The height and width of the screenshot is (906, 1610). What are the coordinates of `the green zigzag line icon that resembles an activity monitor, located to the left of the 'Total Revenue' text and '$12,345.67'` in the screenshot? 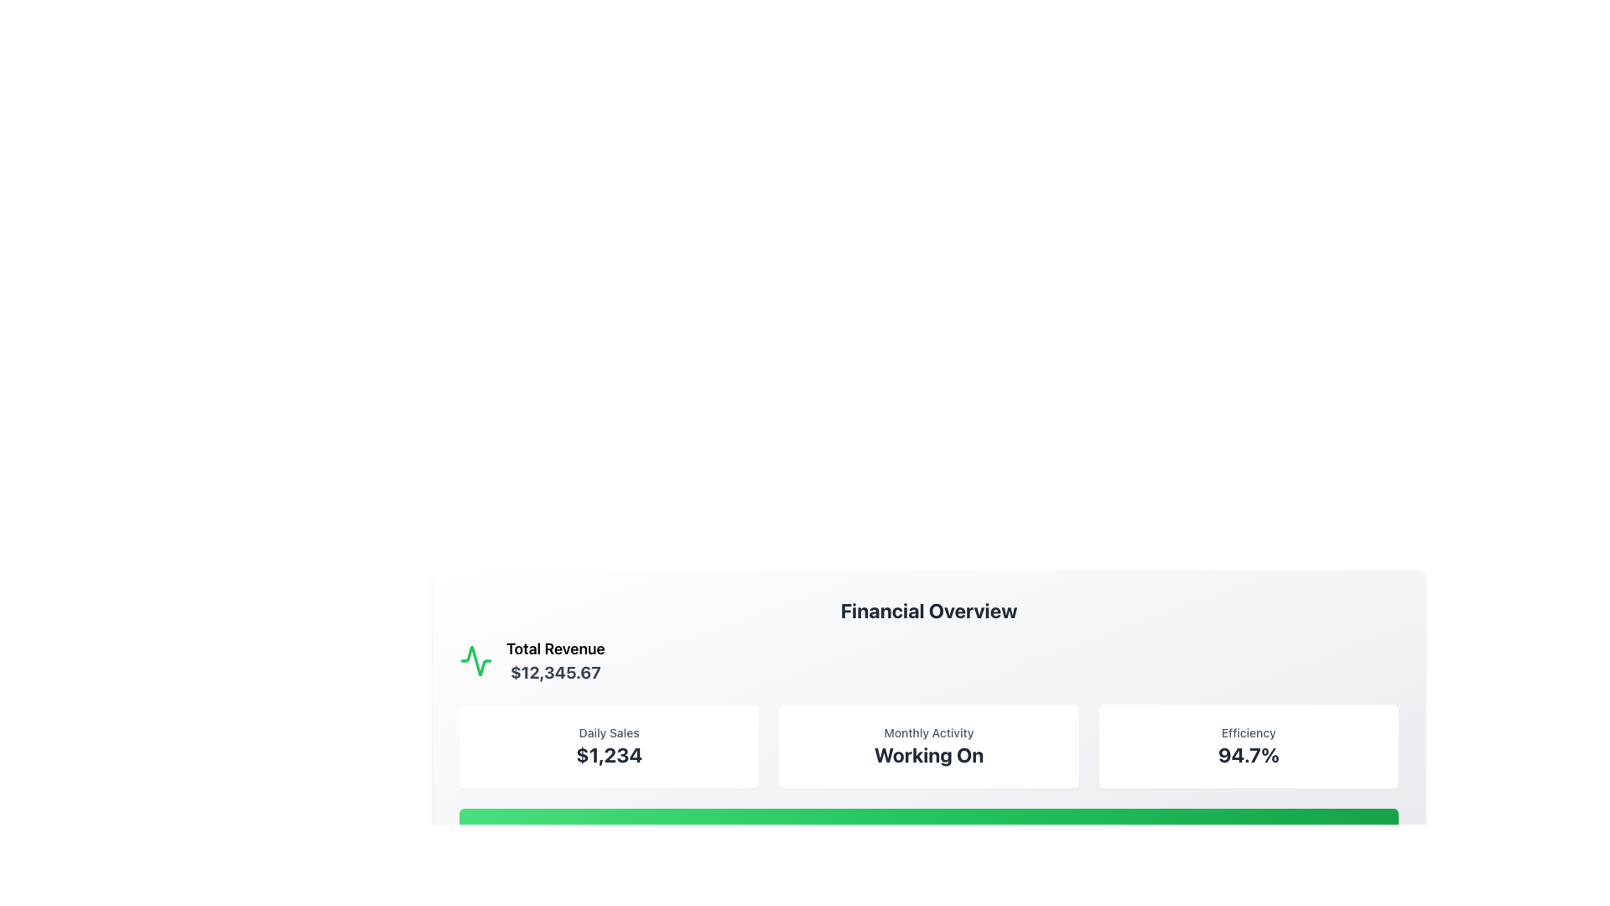 It's located at (475, 659).